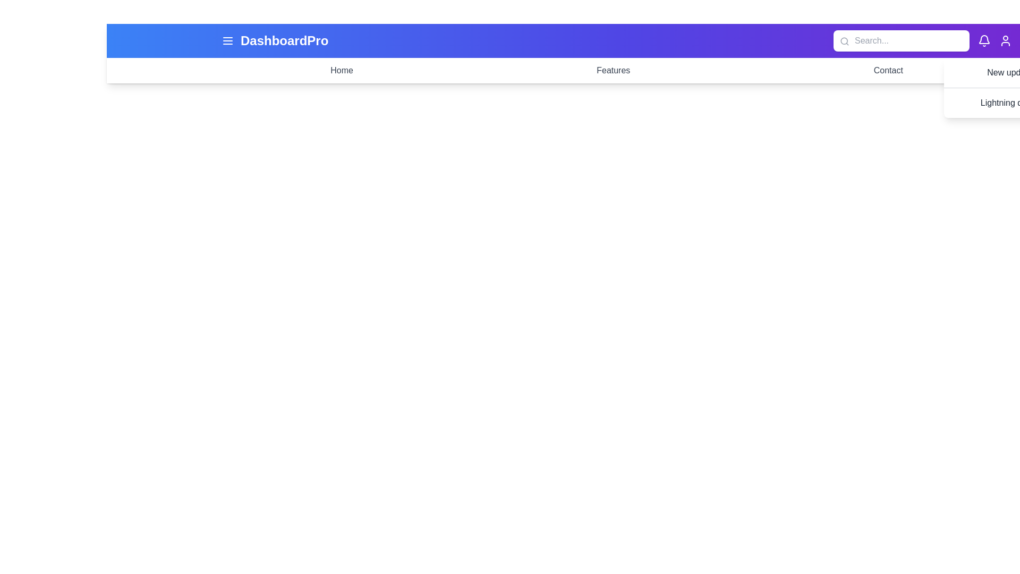 This screenshot has width=1020, height=574. I want to click on the bell icon to toggle notifications visibility, so click(983, 40).